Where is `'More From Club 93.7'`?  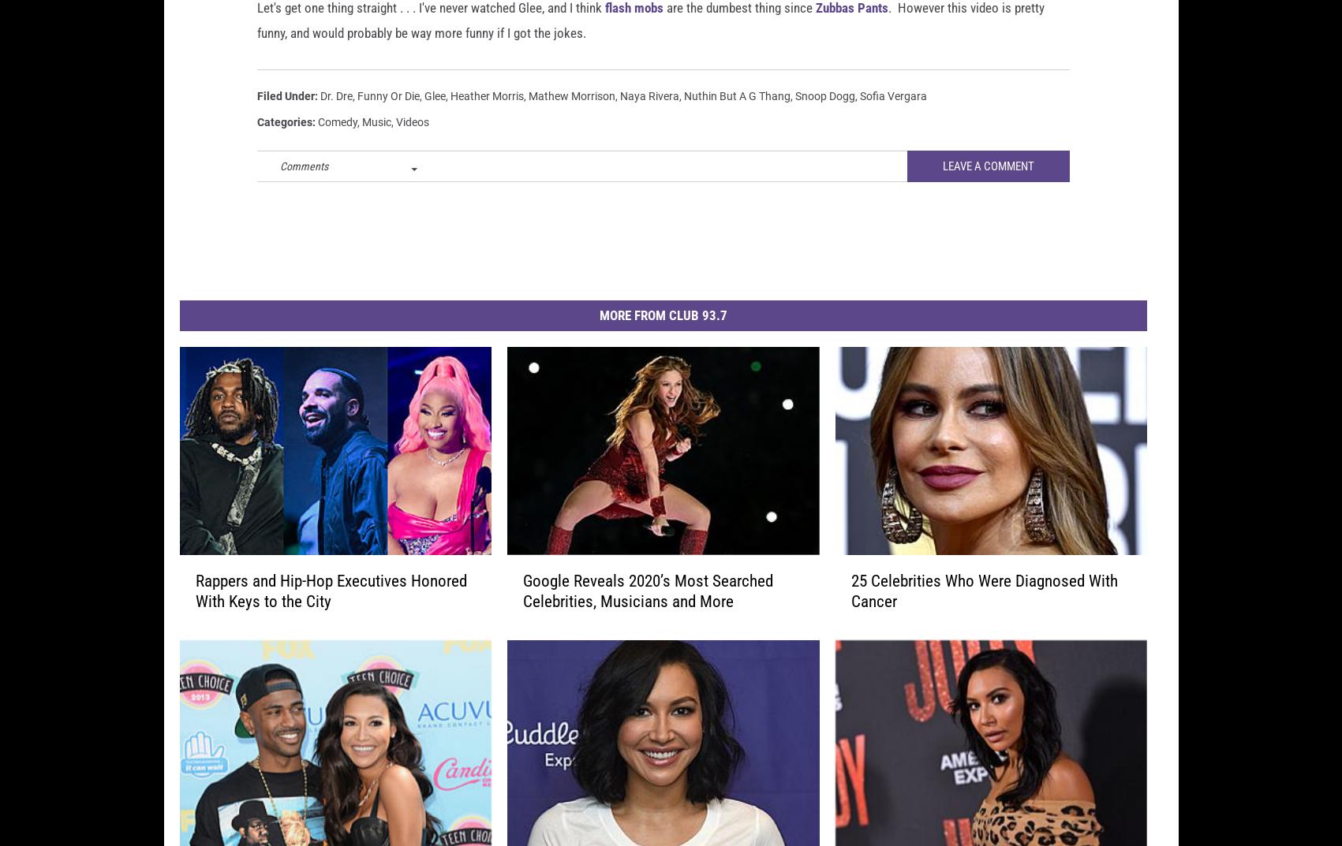
'More From Club 93.7' is located at coordinates (662, 340).